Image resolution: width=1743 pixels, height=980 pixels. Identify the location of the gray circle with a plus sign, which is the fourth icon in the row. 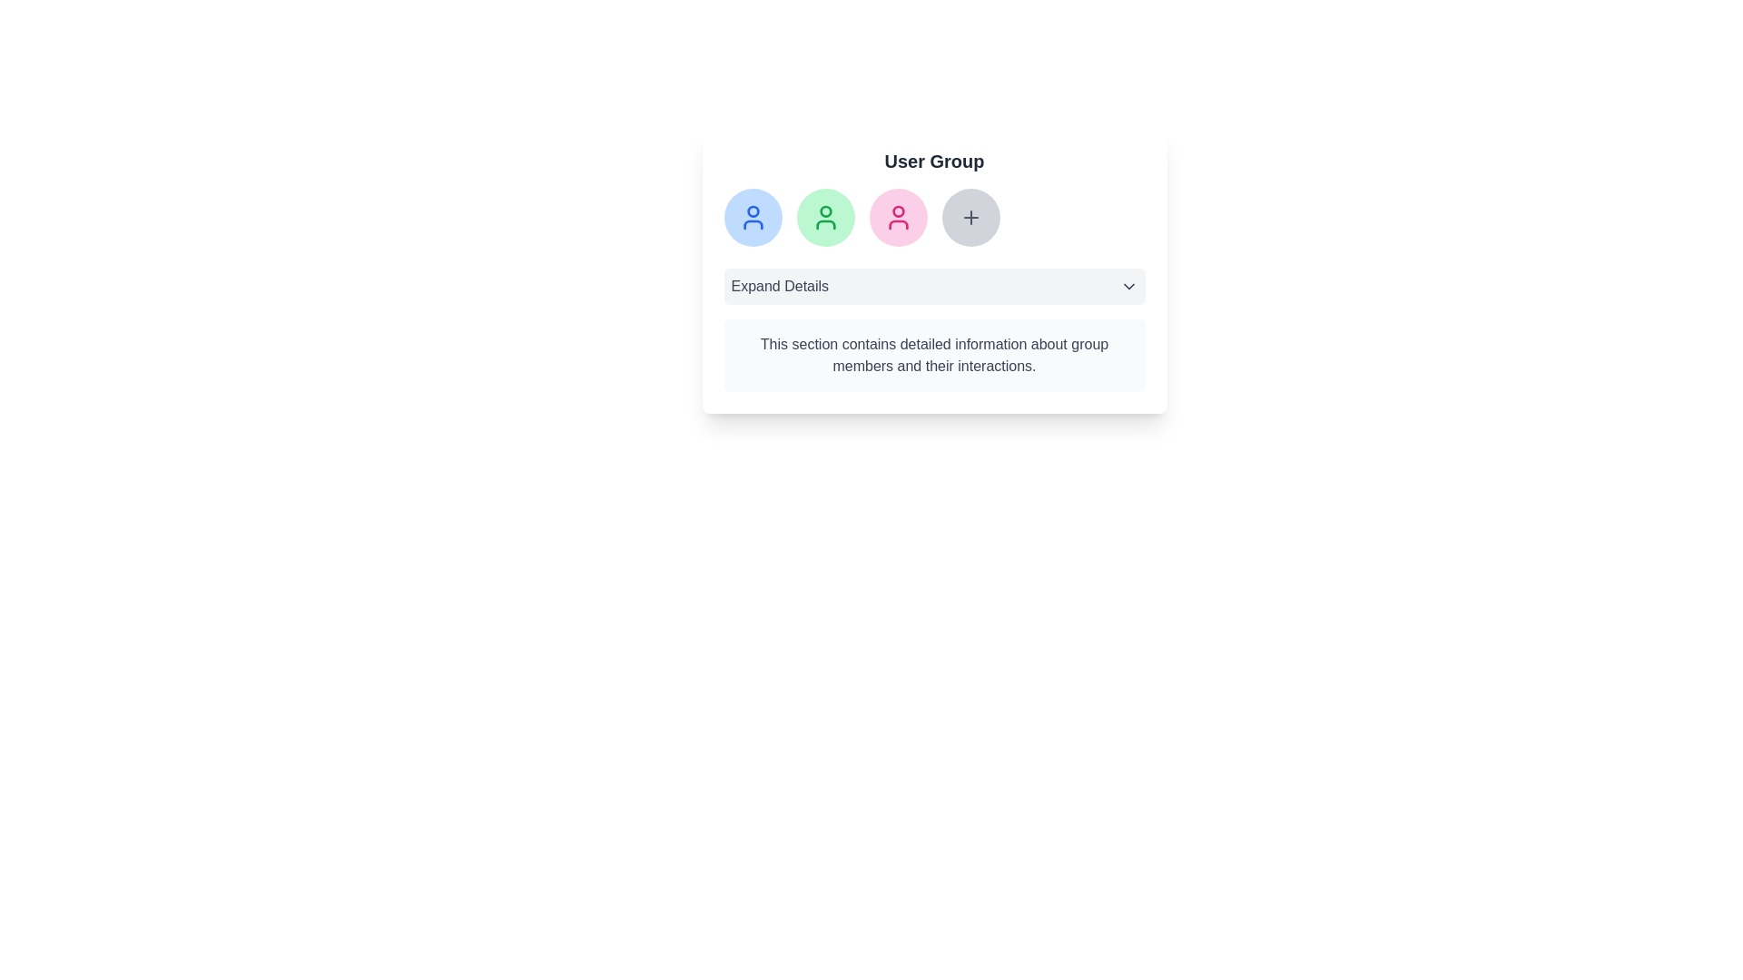
(934, 216).